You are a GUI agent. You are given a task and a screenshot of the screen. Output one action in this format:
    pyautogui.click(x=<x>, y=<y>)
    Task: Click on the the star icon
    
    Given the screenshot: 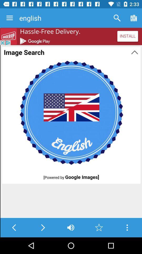 What is the action you would take?
    pyautogui.click(x=99, y=227)
    